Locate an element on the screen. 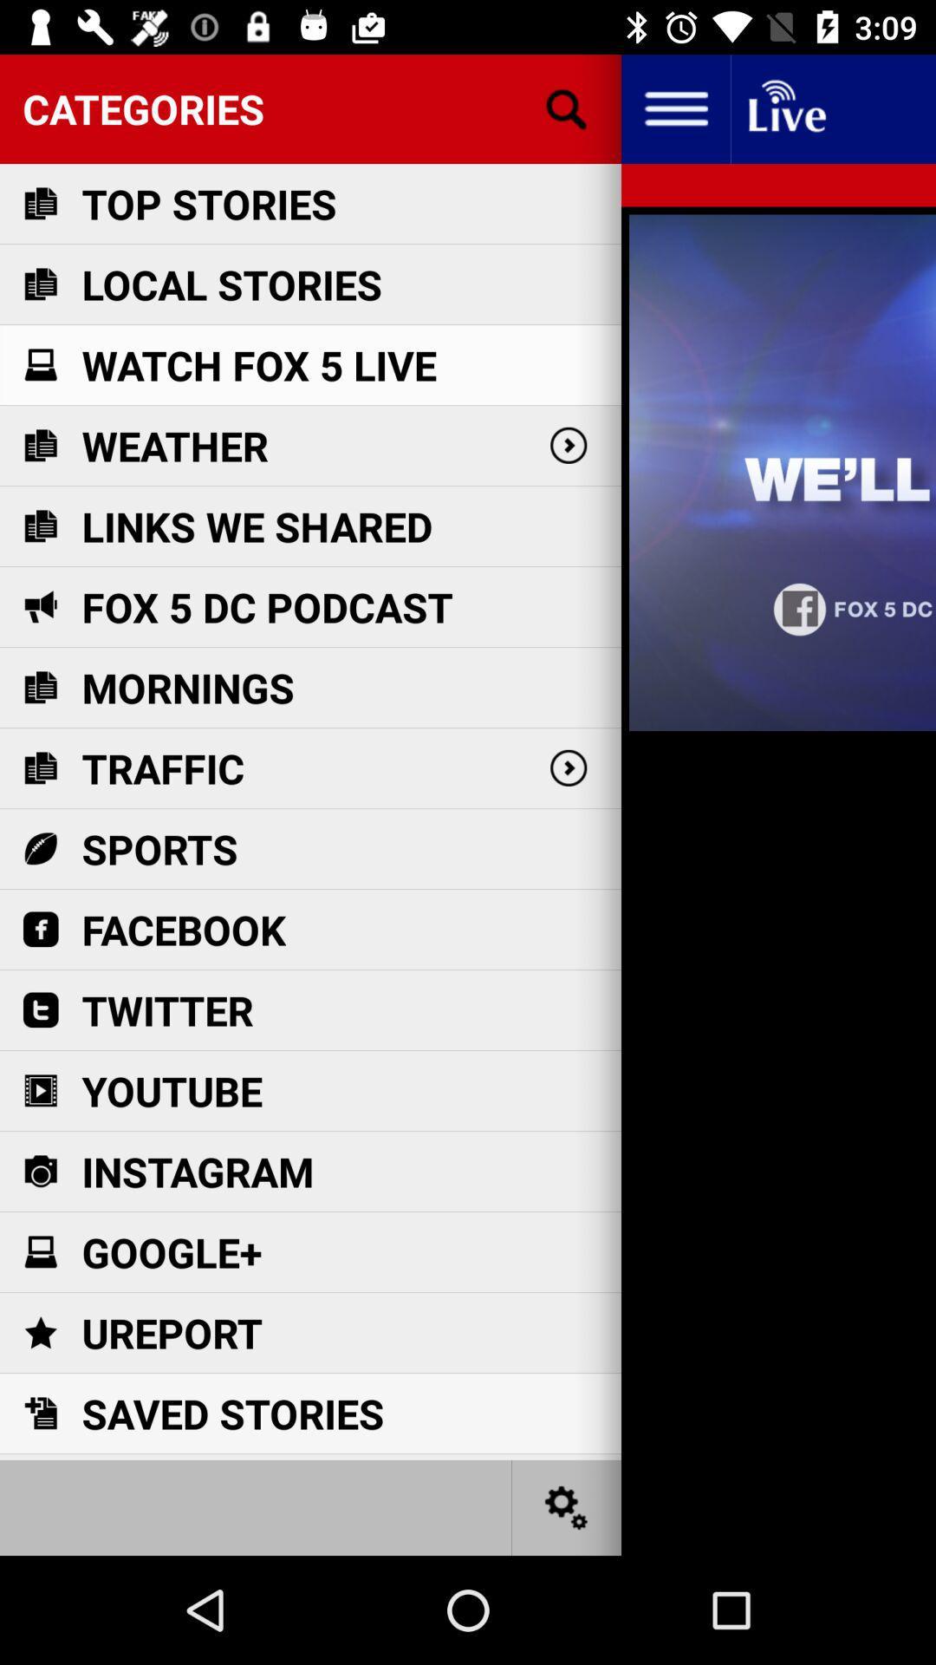 The image size is (936, 1665). item to the right of the categories icon is located at coordinates (674, 108).